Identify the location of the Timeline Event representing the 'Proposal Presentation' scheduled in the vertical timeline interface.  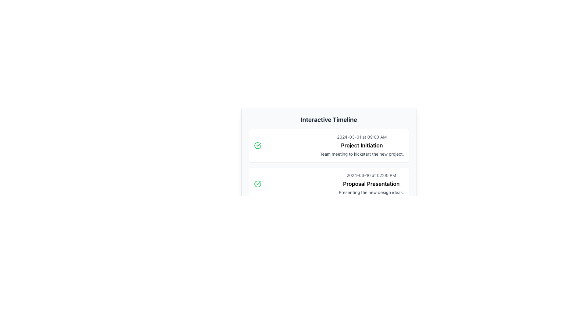
(328, 184).